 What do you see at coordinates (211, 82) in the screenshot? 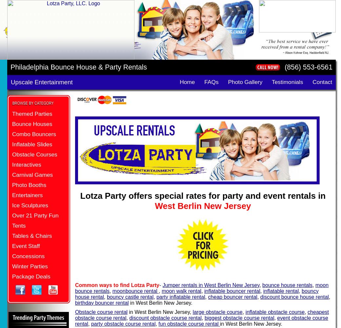
I see `'FAQs'` at bounding box center [211, 82].